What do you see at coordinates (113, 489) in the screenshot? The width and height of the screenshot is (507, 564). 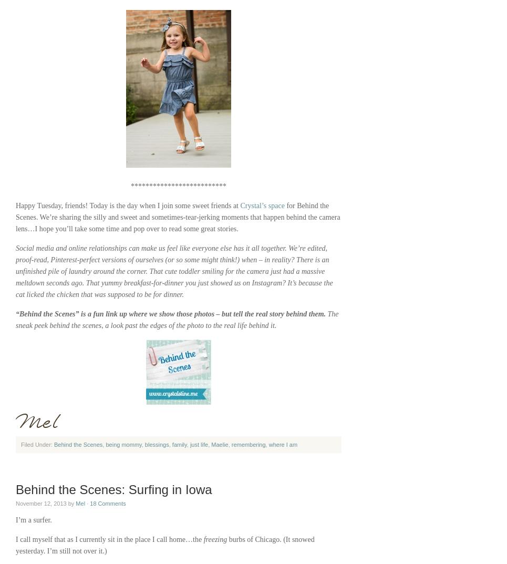 I see `'Behind the Scenes: Surfing in Iowa'` at bounding box center [113, 489].